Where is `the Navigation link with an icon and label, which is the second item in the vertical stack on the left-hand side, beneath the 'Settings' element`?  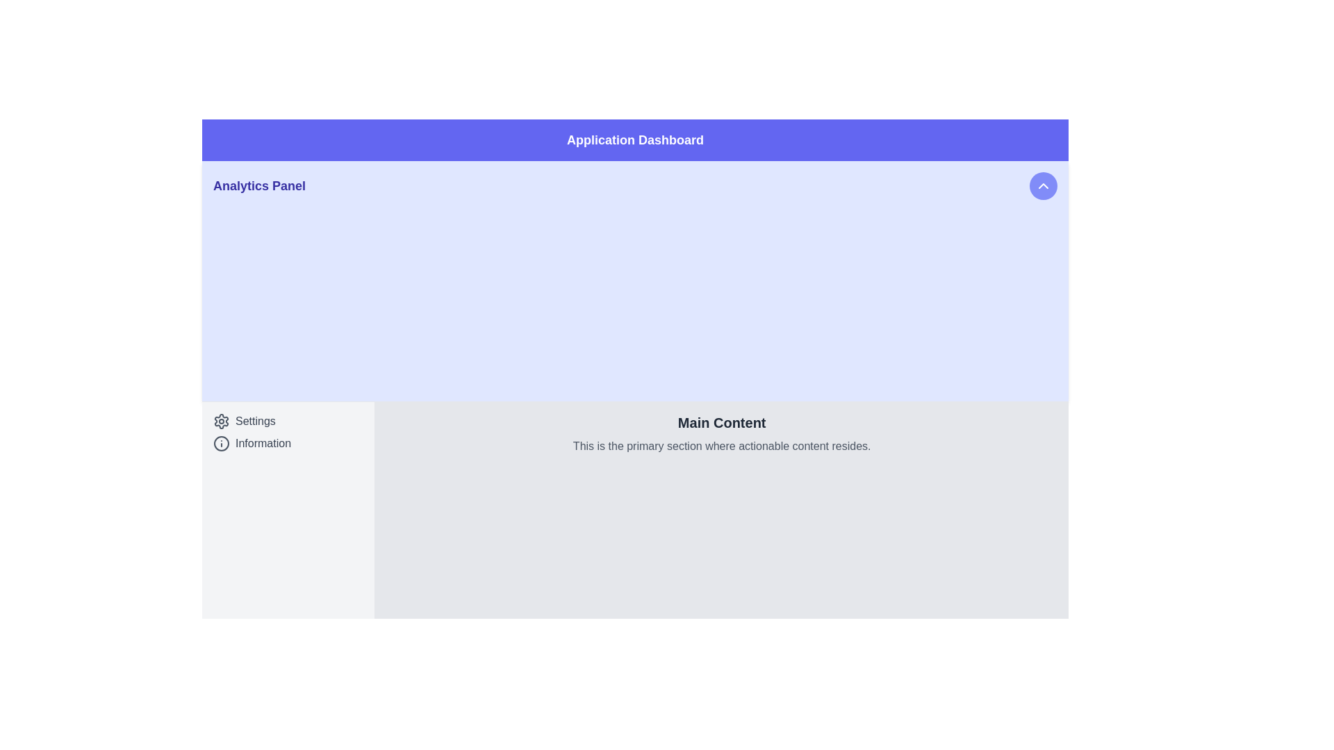 the Navigation link with an icon and label, which is the second item in the vertical stack on the left-hand side, beneath the 'Settings' element is located at coordinates (288, 443).